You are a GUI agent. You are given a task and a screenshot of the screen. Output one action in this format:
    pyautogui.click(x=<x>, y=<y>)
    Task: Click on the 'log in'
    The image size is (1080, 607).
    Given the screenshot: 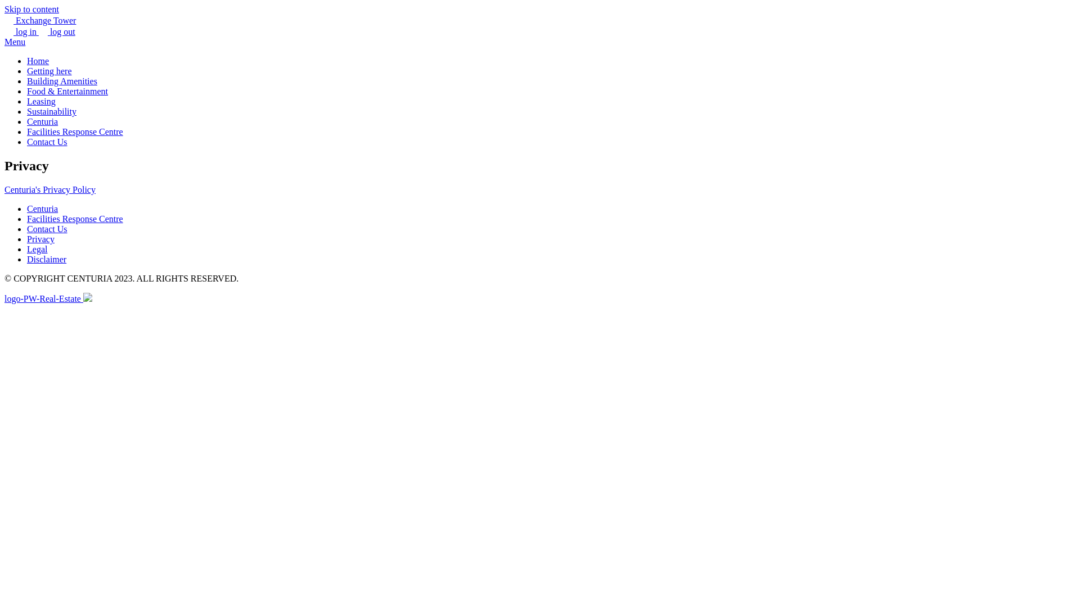 What is the action you would take?
    pyautogui.click(x=21, y=31)
    